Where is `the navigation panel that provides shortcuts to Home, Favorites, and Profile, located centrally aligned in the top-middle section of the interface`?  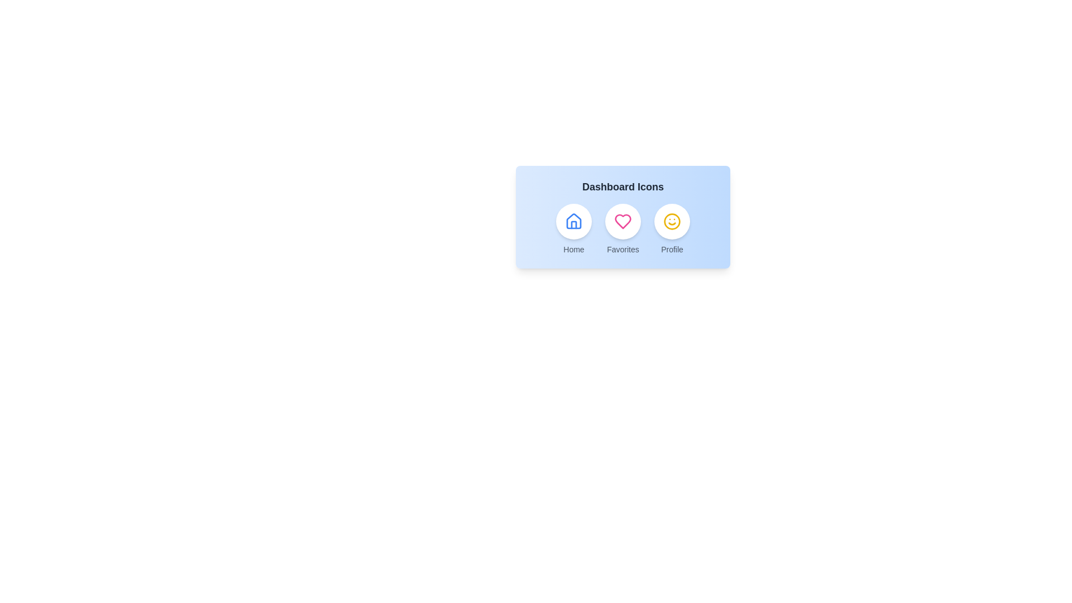 the navigation panel that provides shortcuts to Home, Favorites, and Profile, located centrally aligned in the top-middle section of the interface is located at coordinates (623, 217).